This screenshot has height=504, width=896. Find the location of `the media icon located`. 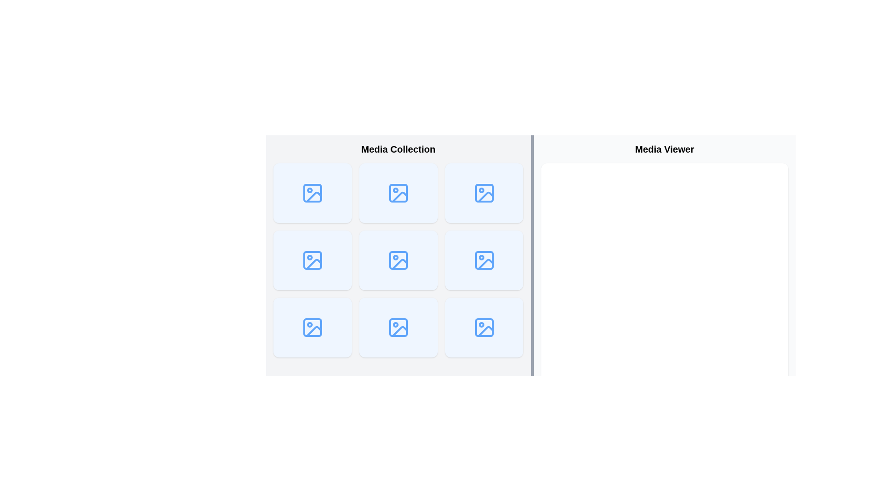

the media icon located is located at coordinates (398, 260).